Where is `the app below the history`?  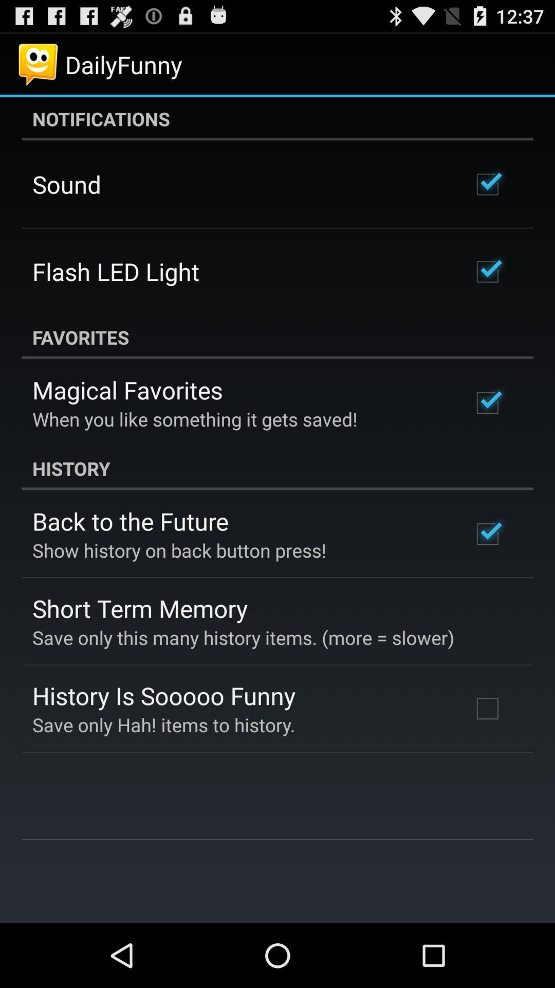 the app below the history is located at coordinates (129, 521).